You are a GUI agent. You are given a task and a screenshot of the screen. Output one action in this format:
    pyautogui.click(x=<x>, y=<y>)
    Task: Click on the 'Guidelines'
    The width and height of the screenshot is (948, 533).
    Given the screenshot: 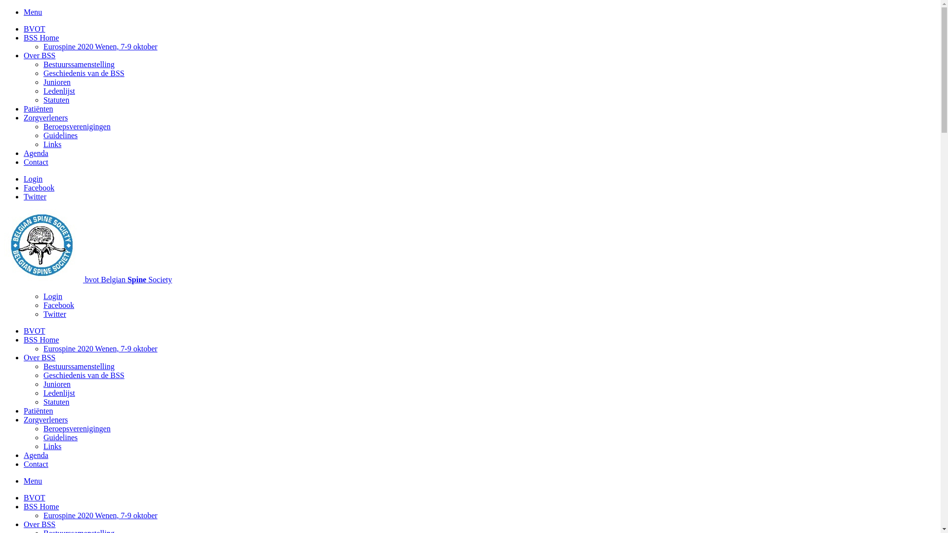 What is the action you would take?
    pyautogui.click(x=60, y=135)
    